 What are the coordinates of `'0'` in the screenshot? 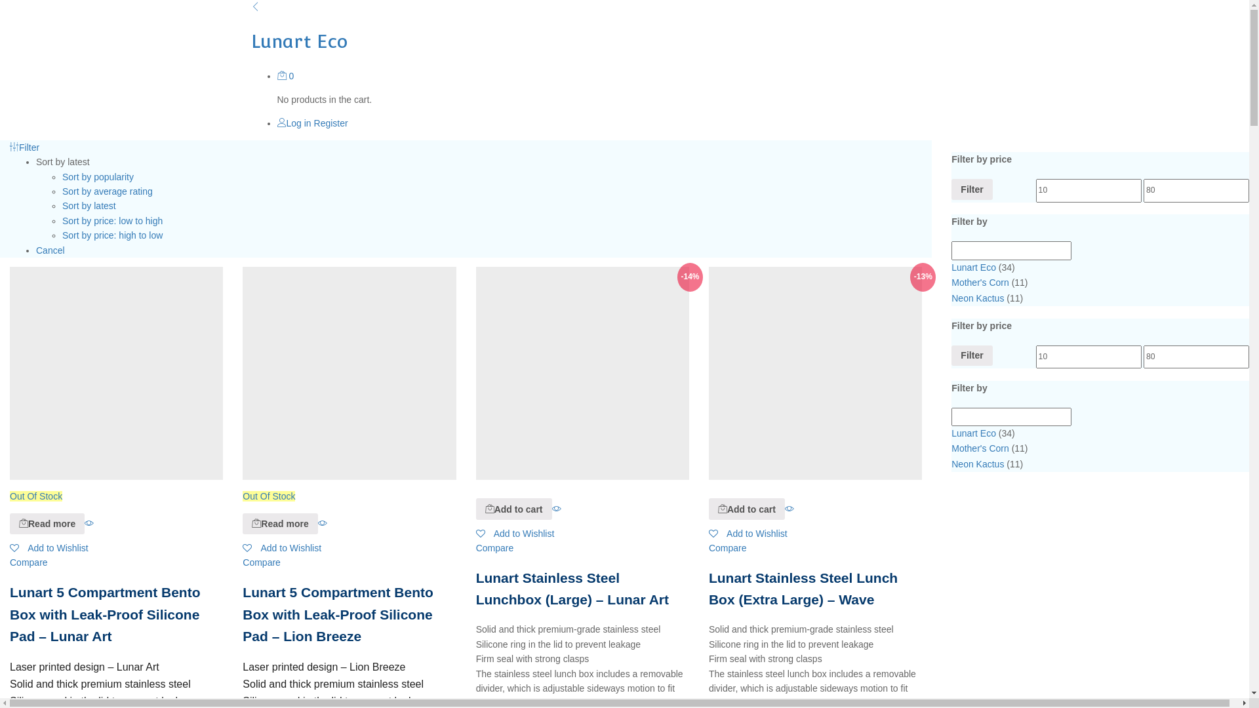 It's located at (285, 75).